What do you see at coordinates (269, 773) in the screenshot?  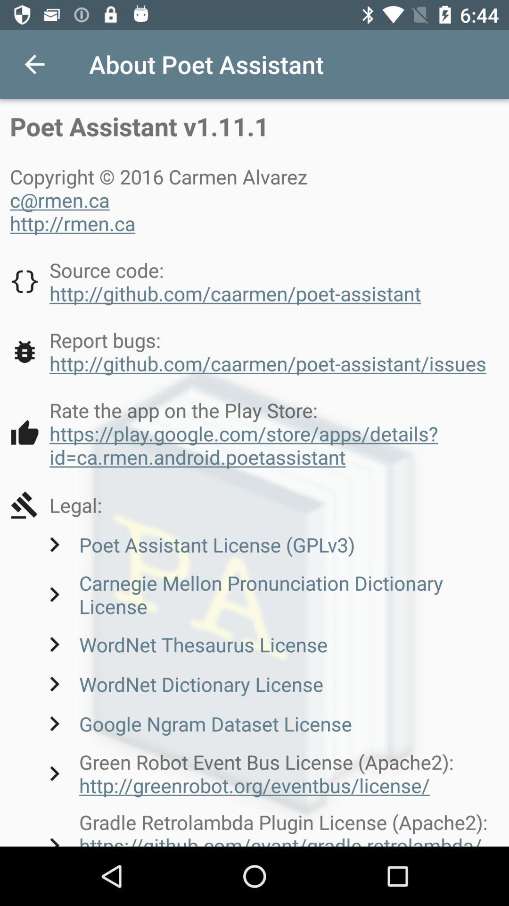 I see `the green robot event` at bounding box center [269, 773].